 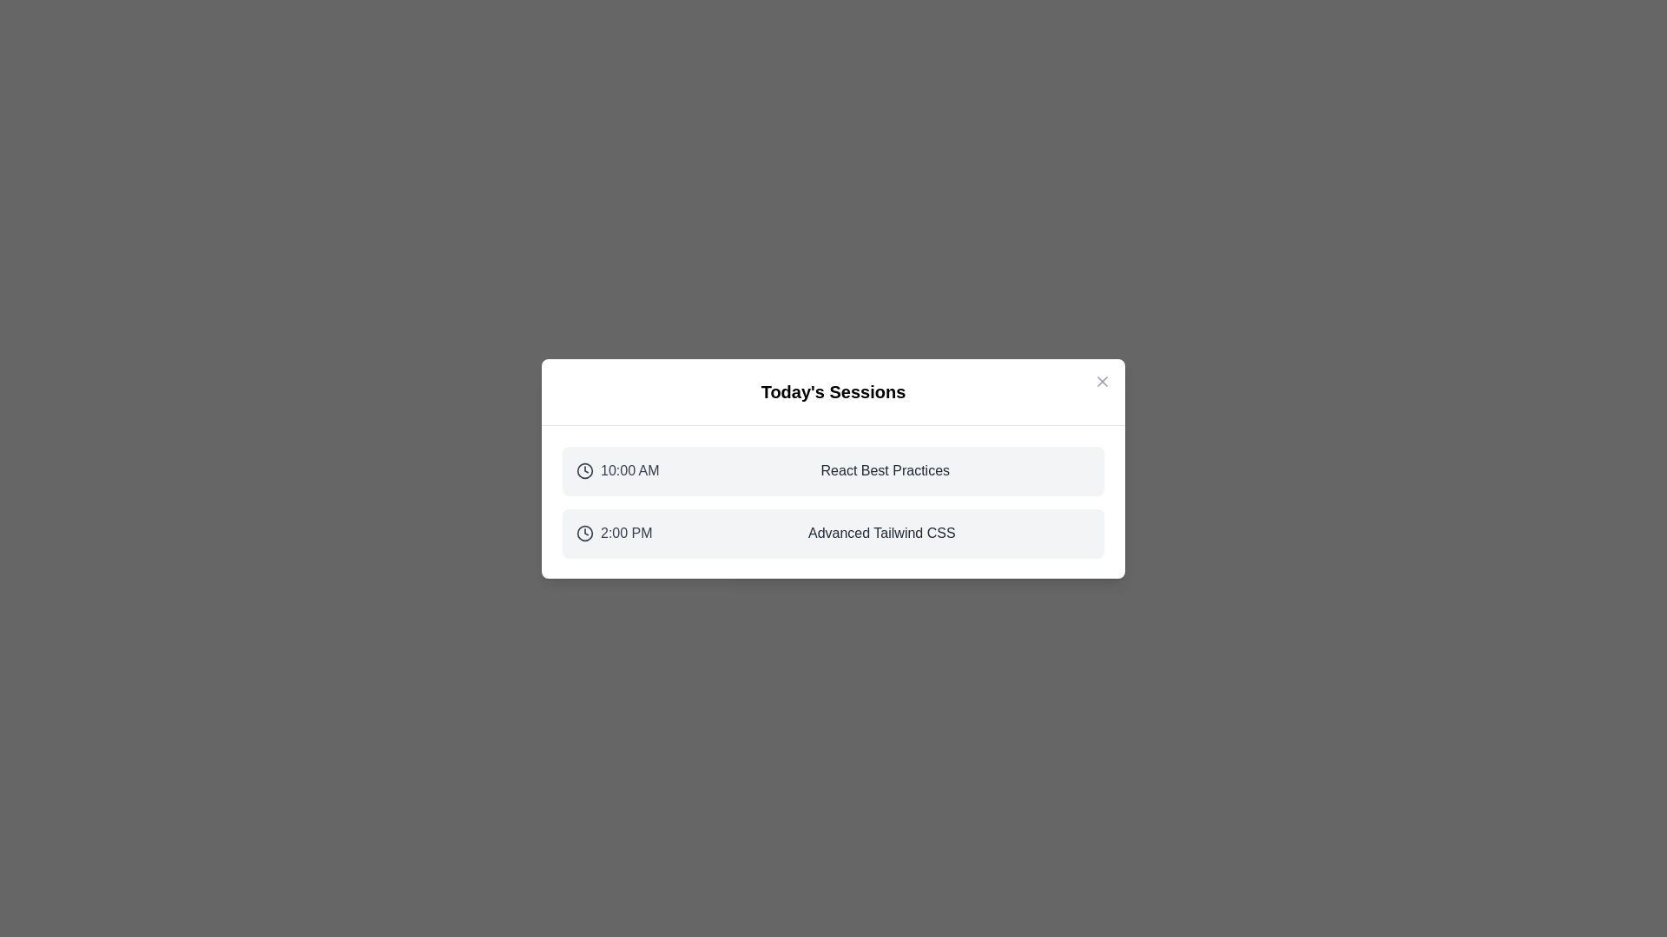 I want to click on the modal header text to focus on it, so click(x=833, y=391).